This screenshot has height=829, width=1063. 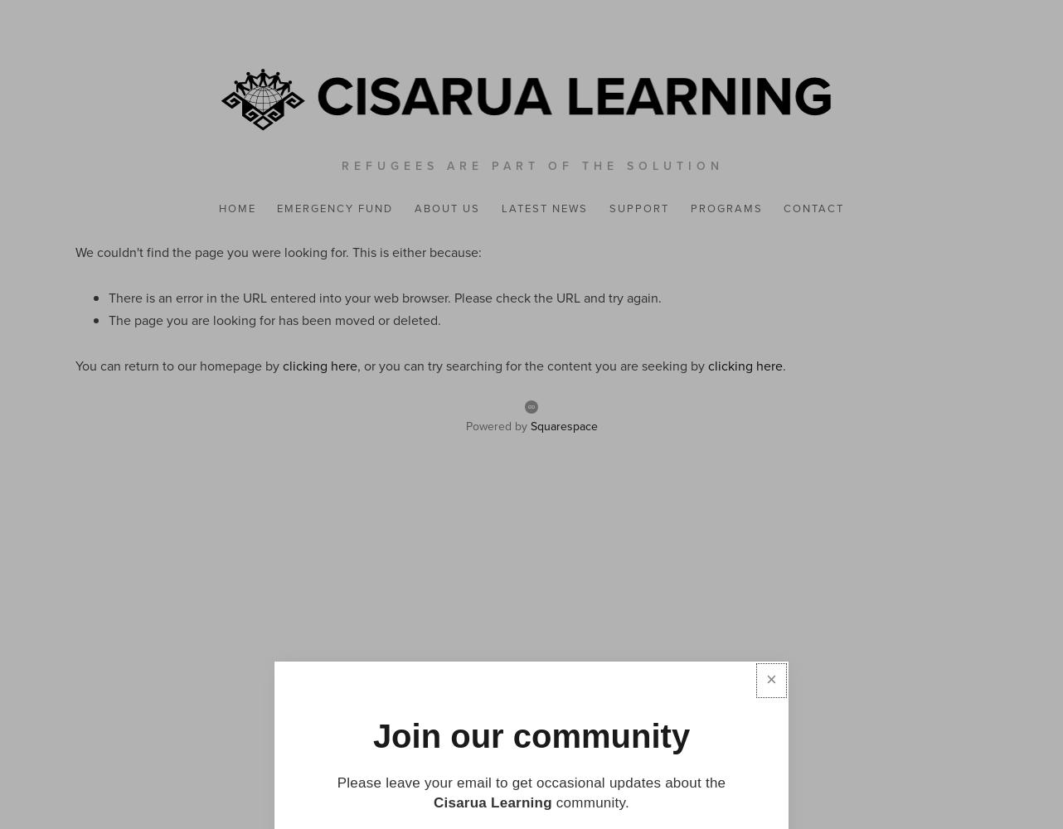 What do you see at coordinates (274, 319) in the screenshot?
I see `'The page you are looking for has been moved or deleted.'` at bounding box center [274, 319].